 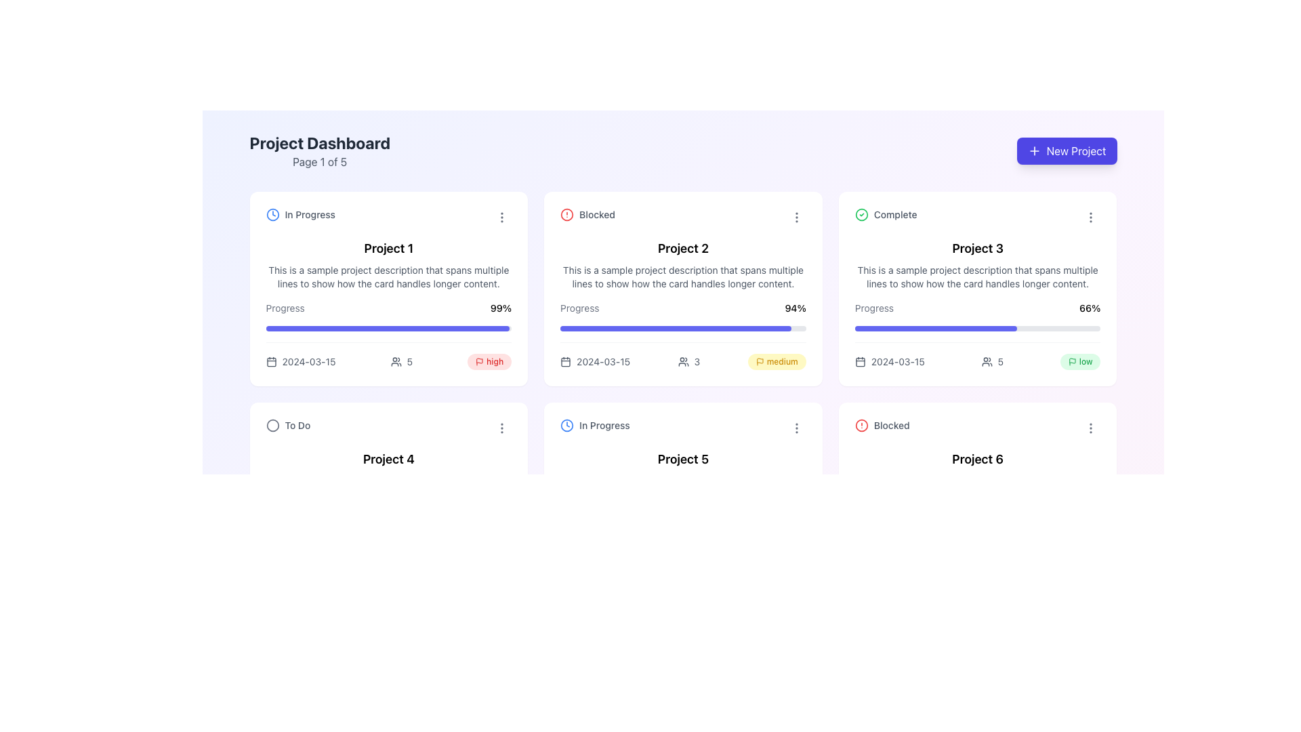 I want to click on the text block styled with gray color and small font size located under the title 'Project 3' on the upper-right card in the dashboard layout, so click(x=978, y=276).